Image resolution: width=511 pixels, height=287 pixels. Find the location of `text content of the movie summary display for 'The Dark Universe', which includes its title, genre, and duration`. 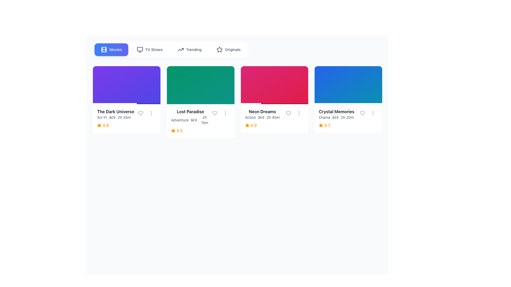

text content of the movie summary display for 'The Dark Universe', which includes its title, genre, and duration is located at coordinates (126, 114).